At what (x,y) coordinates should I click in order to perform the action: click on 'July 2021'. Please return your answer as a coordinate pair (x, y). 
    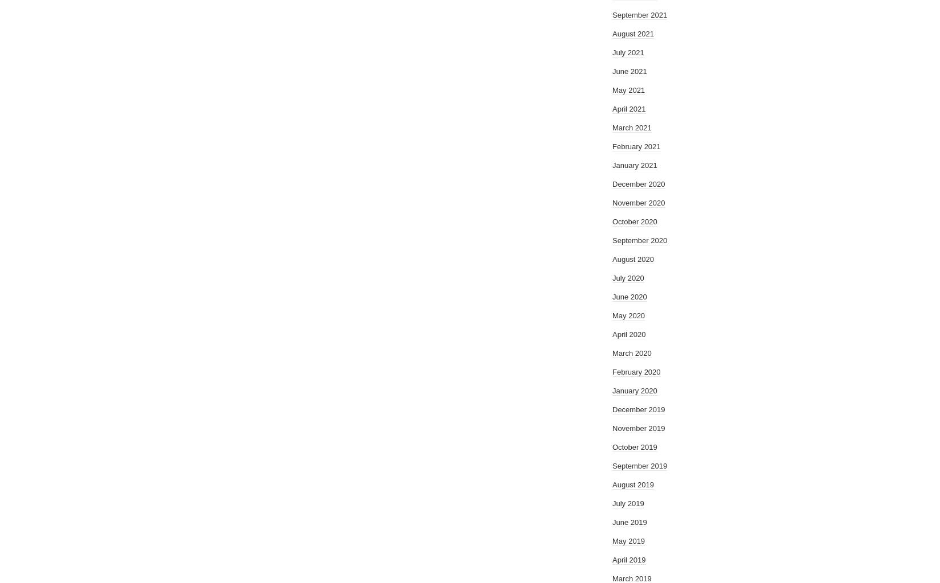
    Looking at the image, I should click on (612, 52).